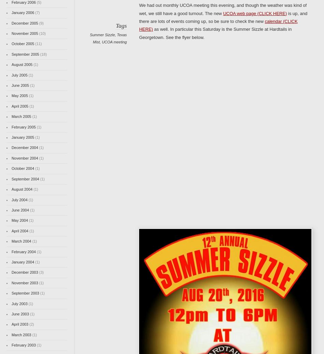 Image resolution: width=324 pixels, height=354 pixels. Describe the element at coordinates (42, 33) in the screenshot. I see `'(10)'` at that location.